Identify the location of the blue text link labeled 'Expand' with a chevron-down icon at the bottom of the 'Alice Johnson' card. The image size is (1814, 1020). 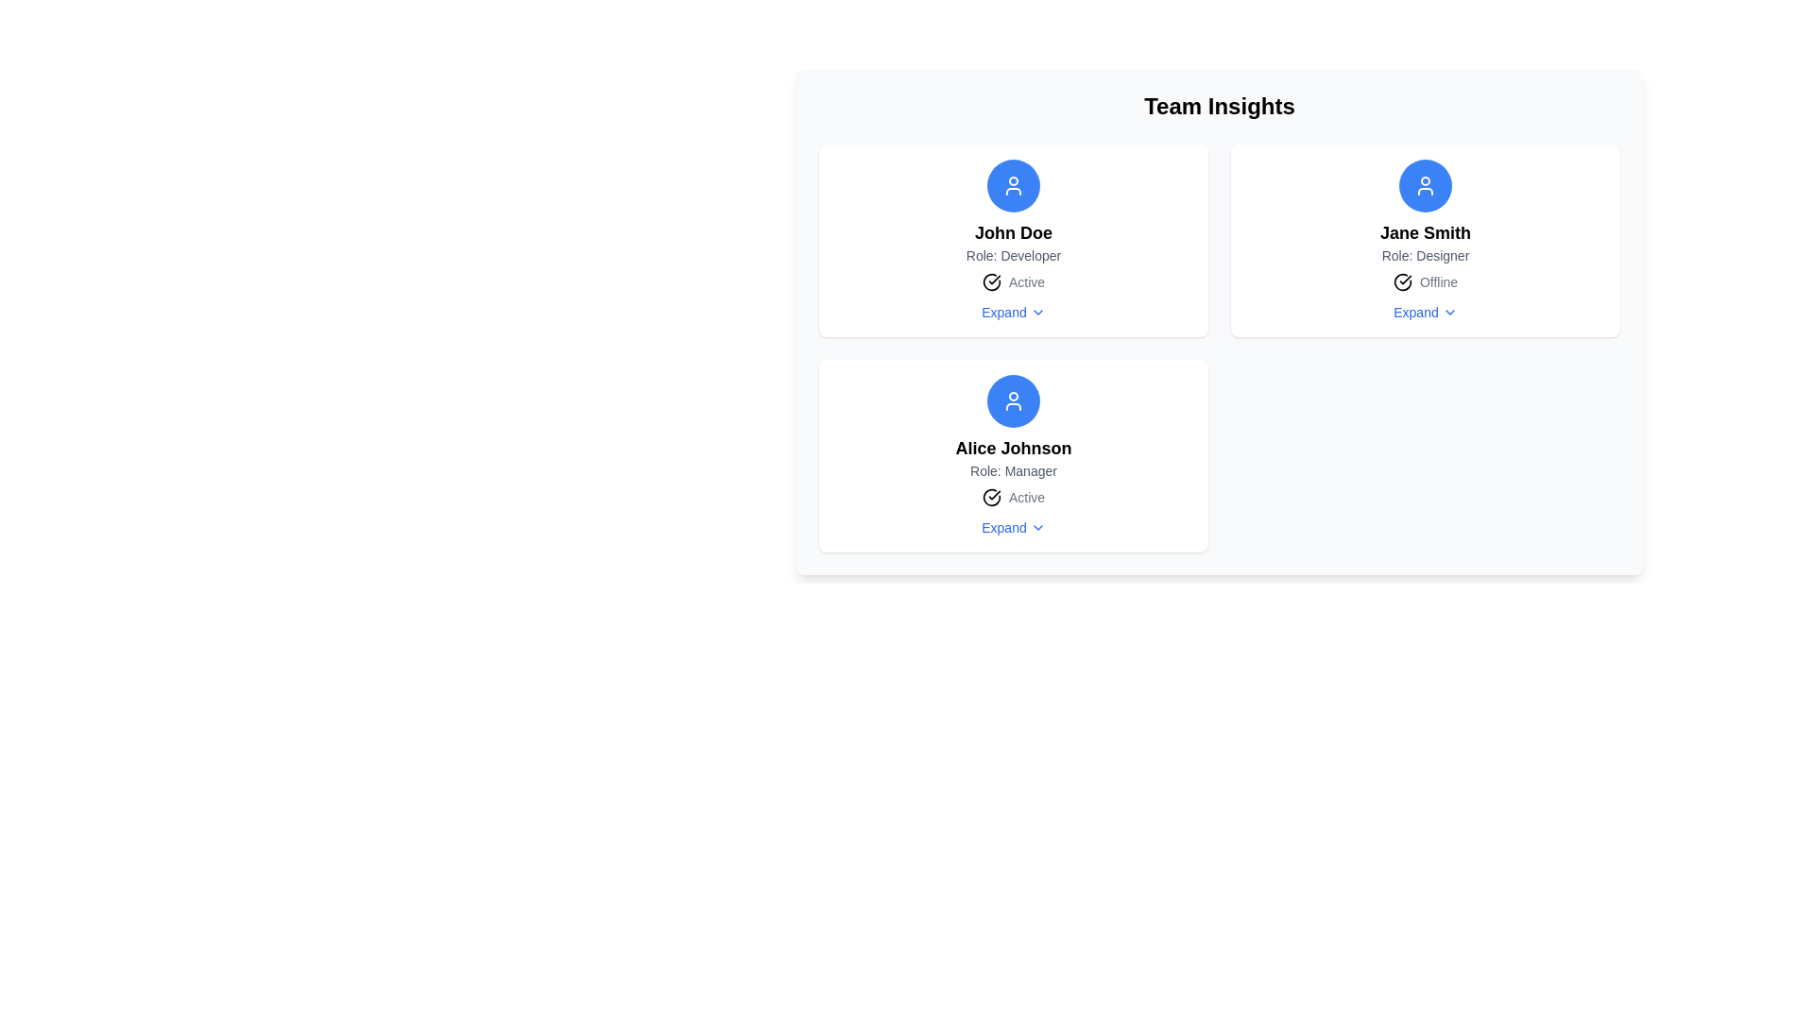
(1012, 528).